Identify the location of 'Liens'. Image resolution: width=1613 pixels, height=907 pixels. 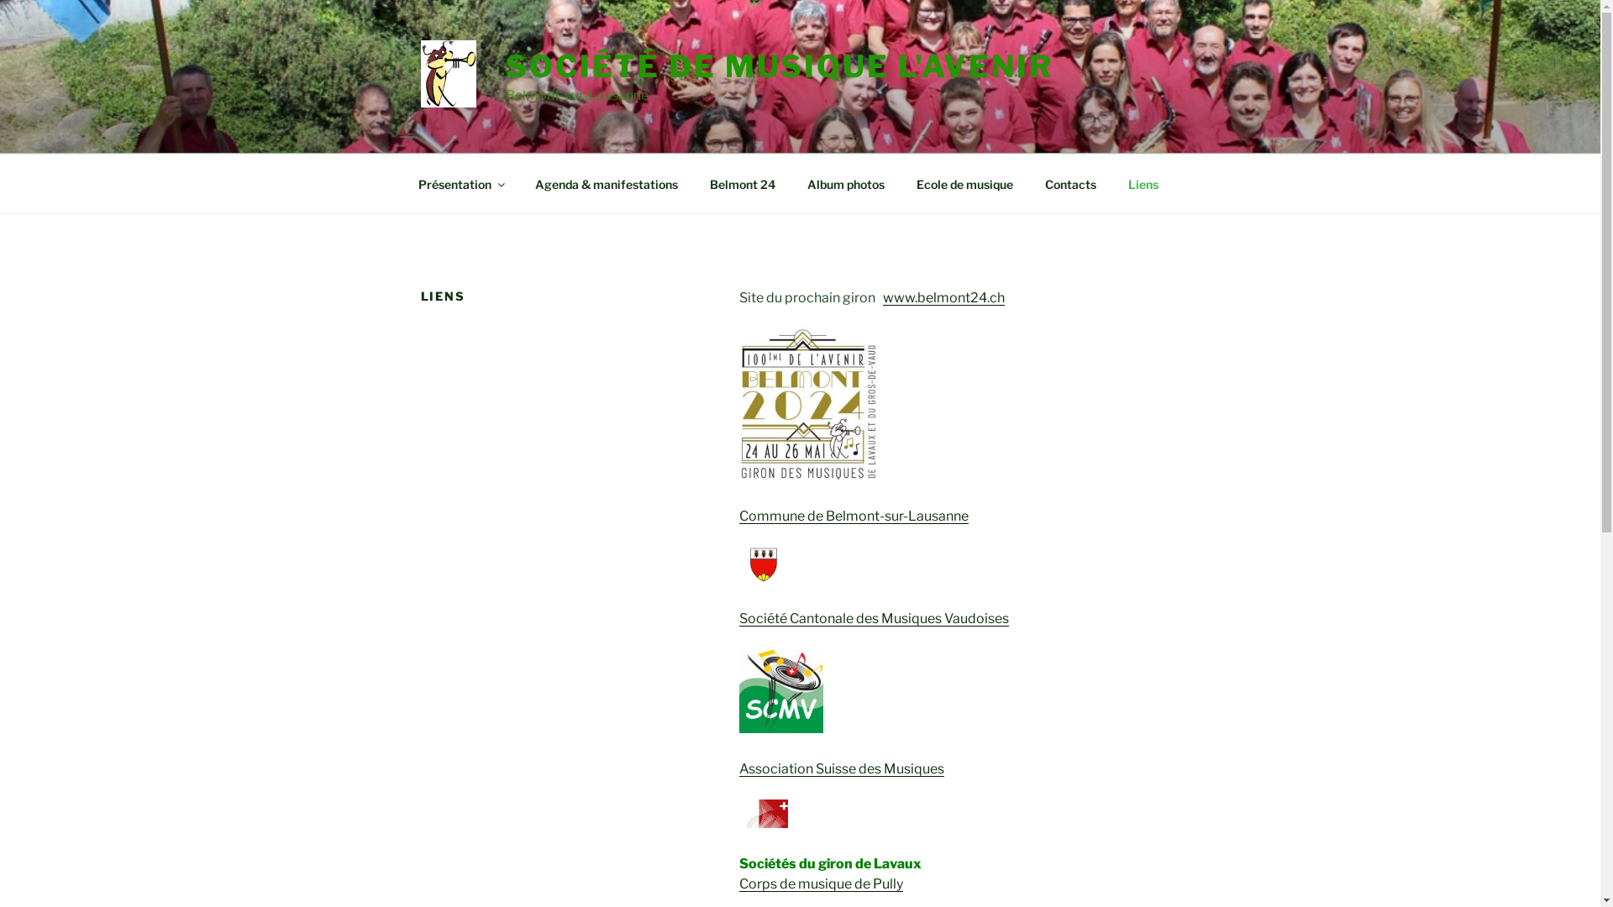
(1143, 183).